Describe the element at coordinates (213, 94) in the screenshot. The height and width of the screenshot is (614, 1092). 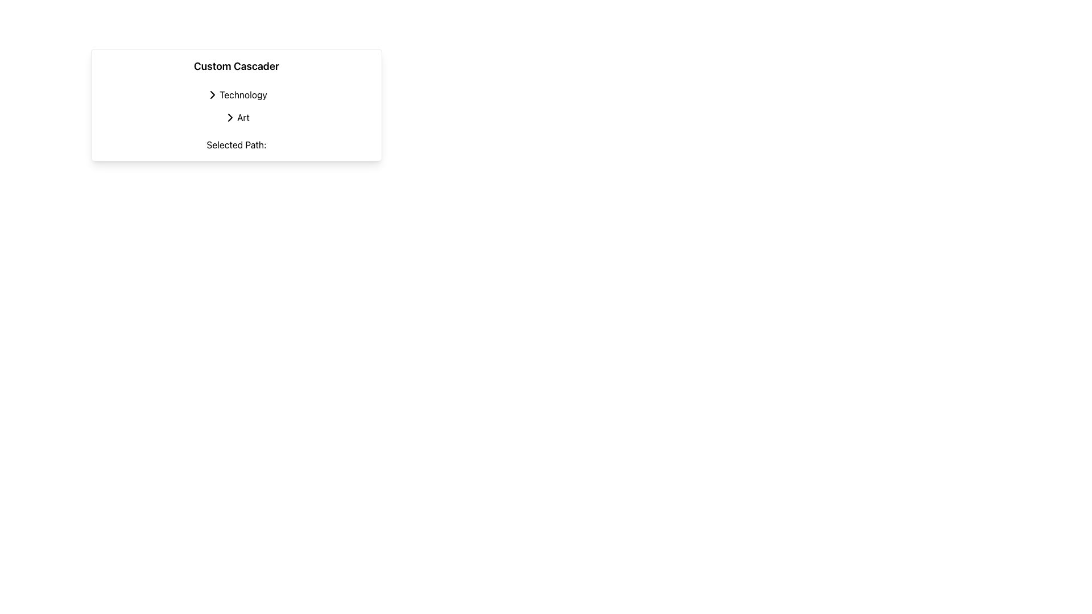
I see `the chevron icon located to the right of the 'Art' label in the dropdown menu under 'Custom Cascader'` at that location.